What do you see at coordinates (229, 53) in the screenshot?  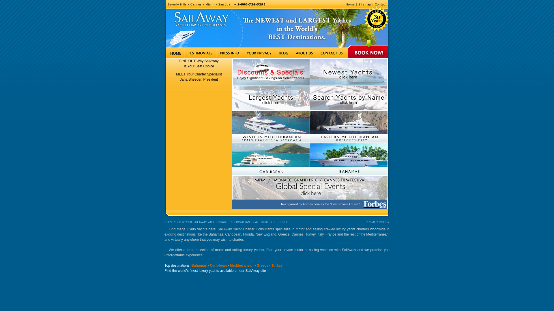 I see `'Press Info'` at bounding box center [229, 53].